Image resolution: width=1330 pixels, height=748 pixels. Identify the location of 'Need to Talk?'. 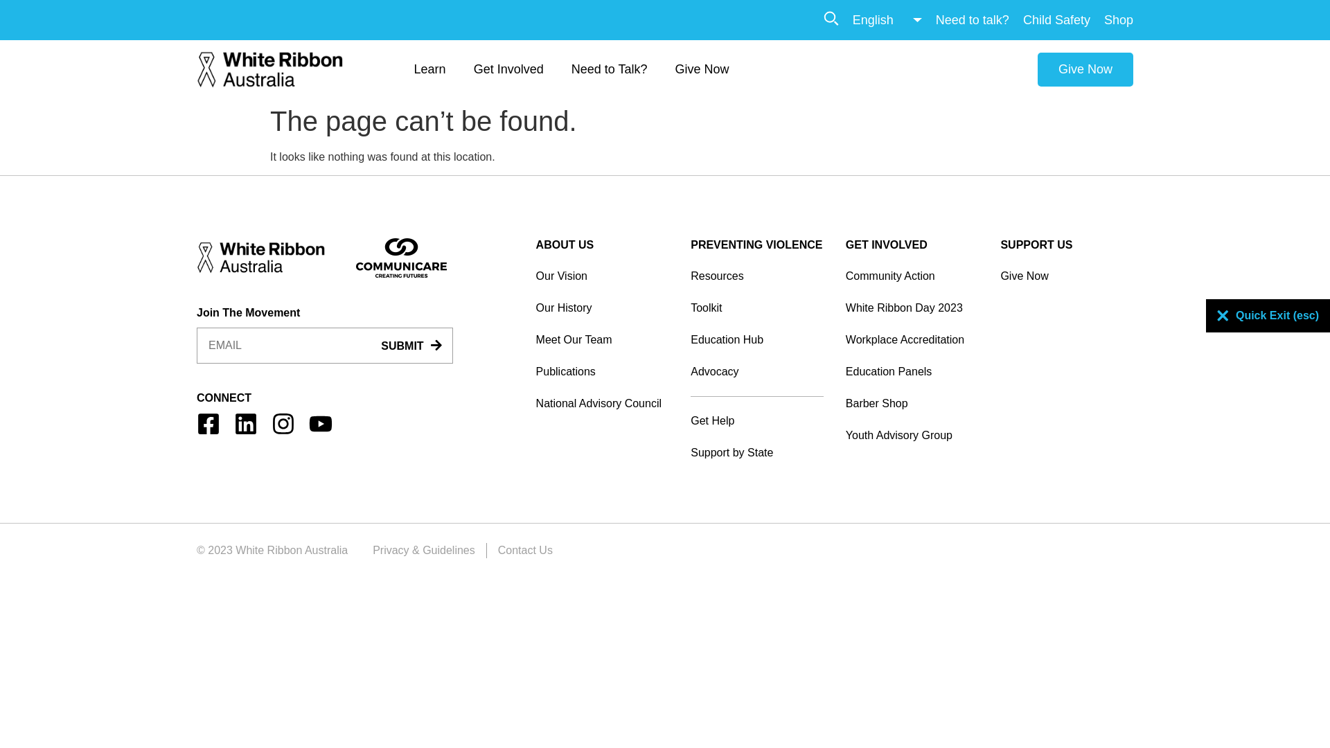
(609, 69).